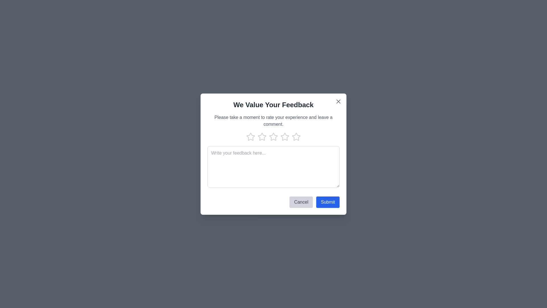 Image resolution: width=547 pixels, height=308 pixels. What do you see at coordinates (262, 137) in the screenshot?
I see `the third star icon` at bounding box center [262, 137].